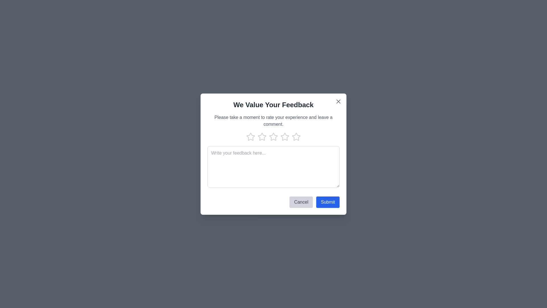 Image resolution: width=547 pixels, height=308 pixels. What do you see at coordinates (262, 137) in the screenshot?
I see `the third star icon` at bounding box center [262, 137].